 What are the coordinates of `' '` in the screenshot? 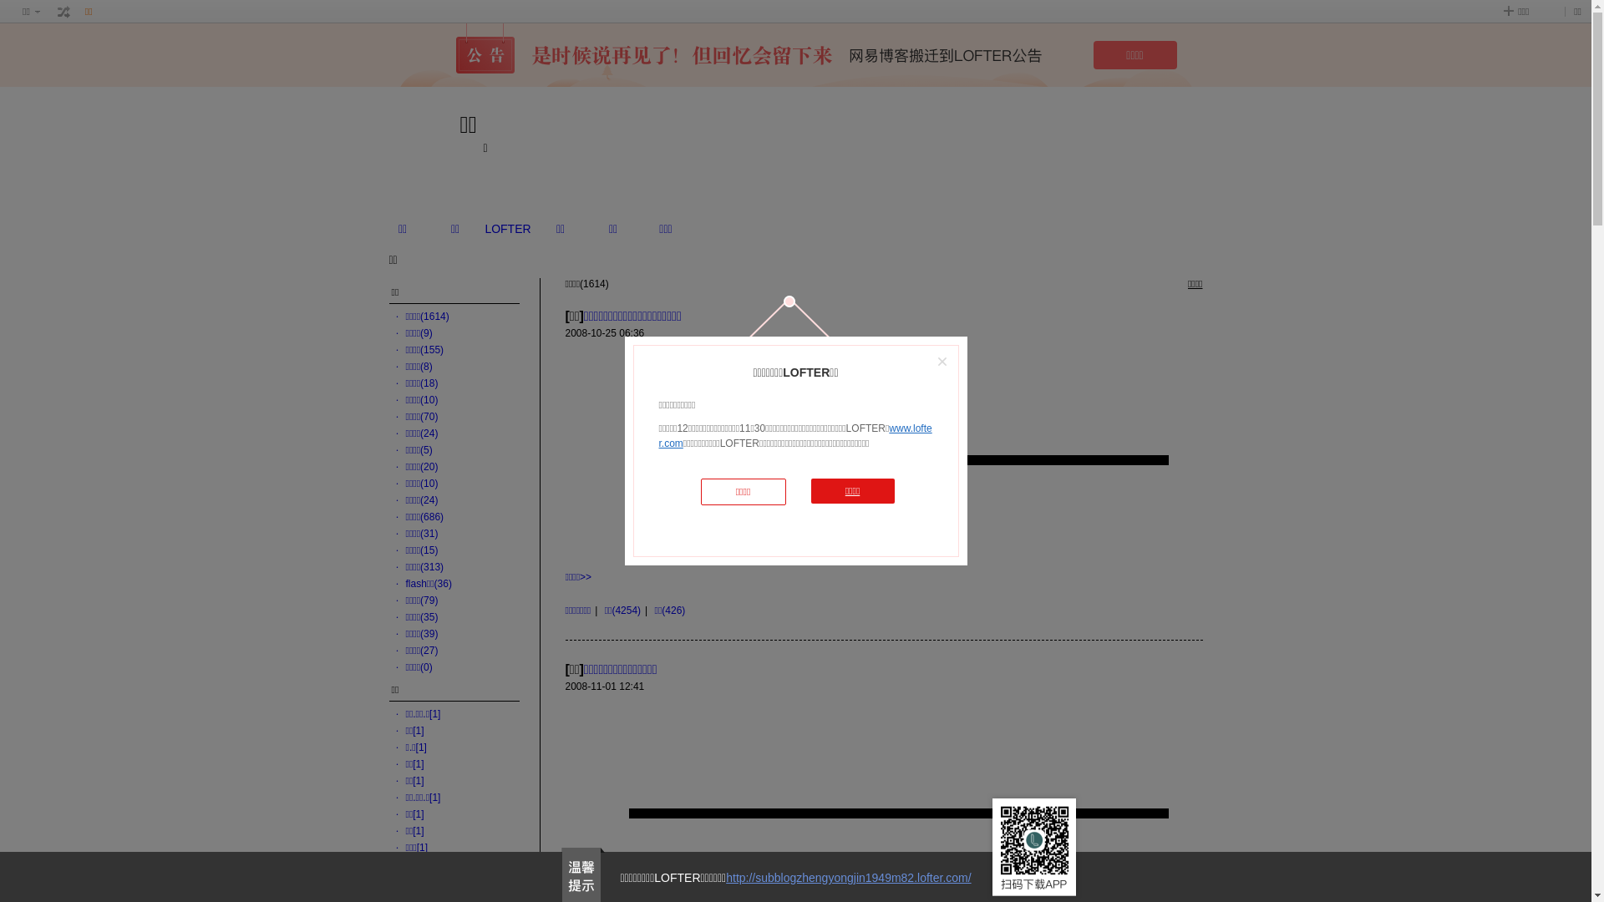 It's located at (49, 12).